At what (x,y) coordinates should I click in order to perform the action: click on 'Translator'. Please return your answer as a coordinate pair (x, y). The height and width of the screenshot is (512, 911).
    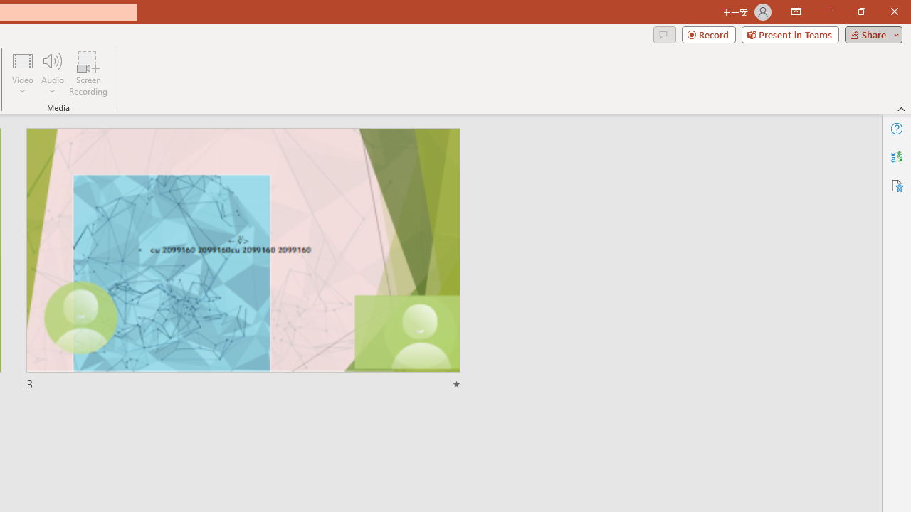
    Looking at the image, I should click on (896, 157).